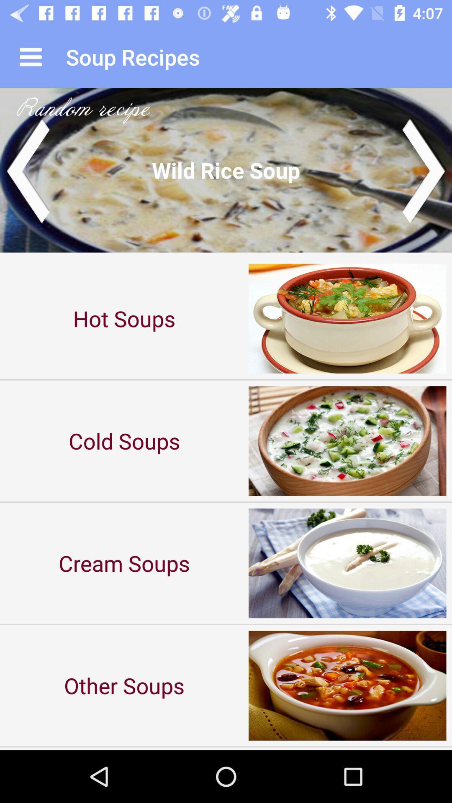 The width and height of the screenshot is (452, 803). I want to click on the previous images or style sheets in cascading view, so click(27, 169).